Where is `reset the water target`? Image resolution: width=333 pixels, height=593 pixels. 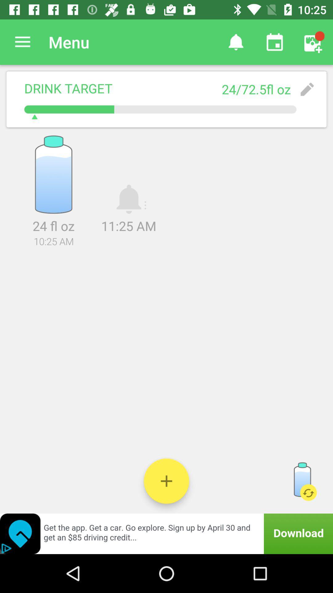
reset the water target is located at coordinates (302, 481).